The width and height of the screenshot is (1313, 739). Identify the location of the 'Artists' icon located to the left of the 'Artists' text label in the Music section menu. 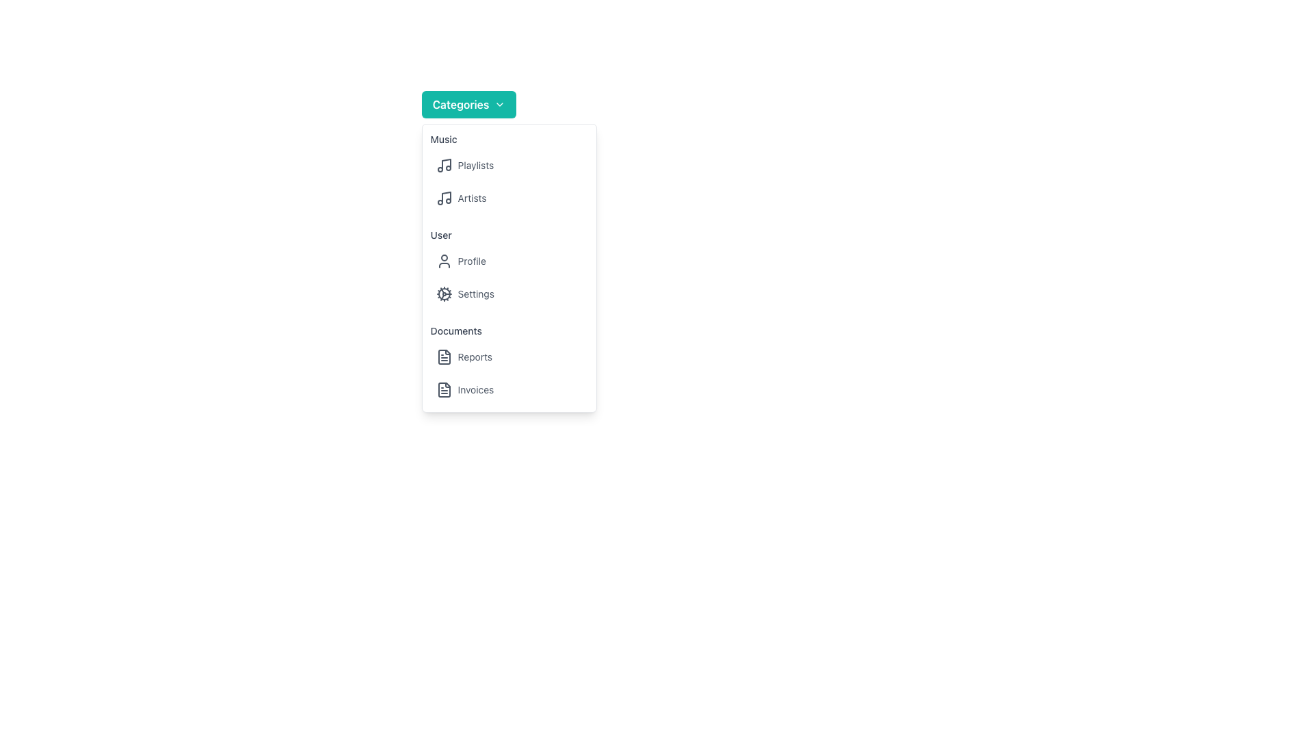
(444, 198).